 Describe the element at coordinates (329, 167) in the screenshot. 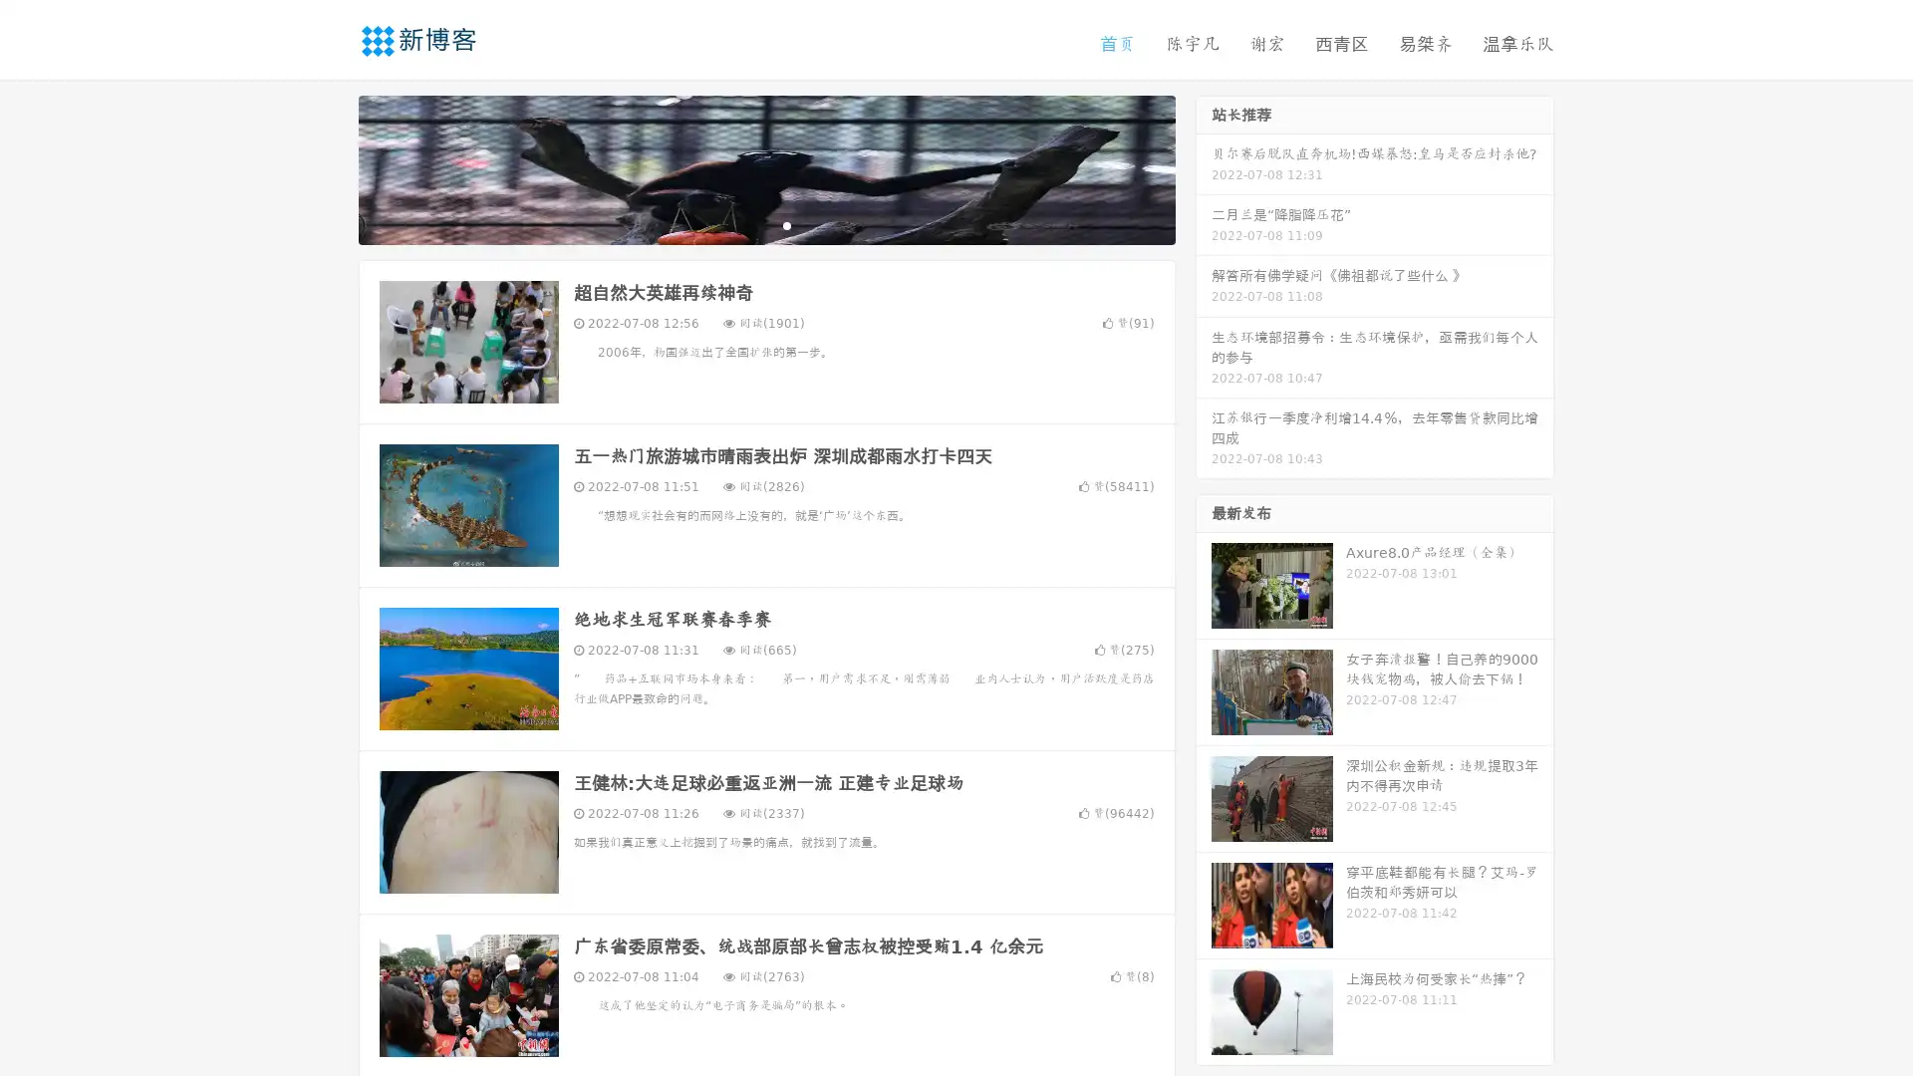

I see `Previous slide` at that location.